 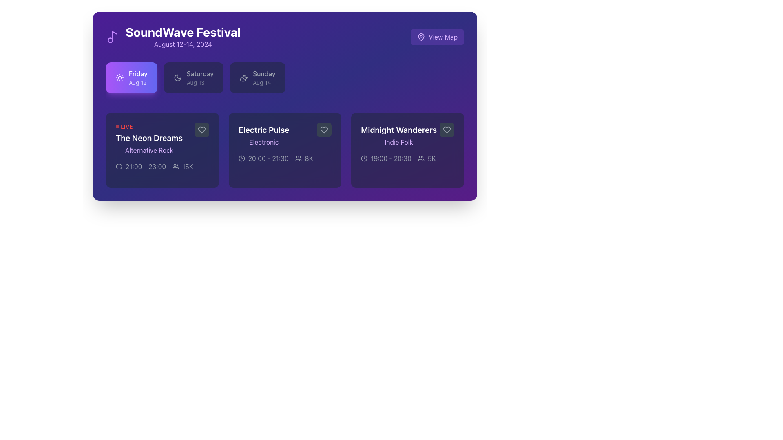 What do you see at coordinates (149, 138) in the screenshot?
I see `the event name displayed` at bounding box center [149, 138].